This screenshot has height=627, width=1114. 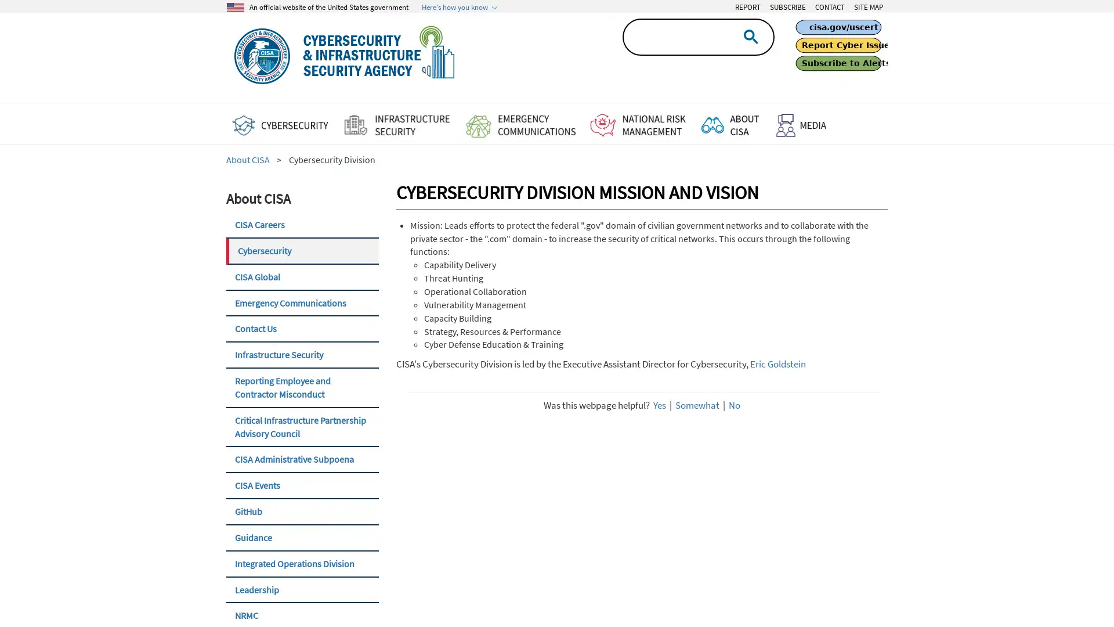 What do you see at coordinates (748, 35) in the screenshot?
I see `search` at bounding box center [748, 35].